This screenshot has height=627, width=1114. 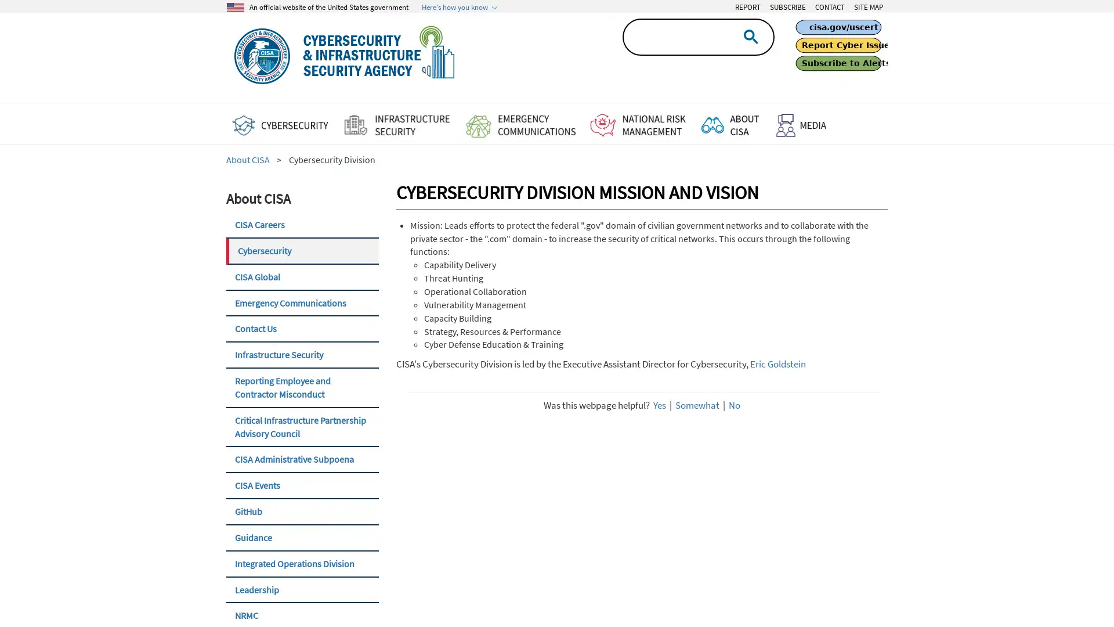 What do you see at coordinates (748, 35) in the screenshot?
I see `search` at bounding box center [748, 35].